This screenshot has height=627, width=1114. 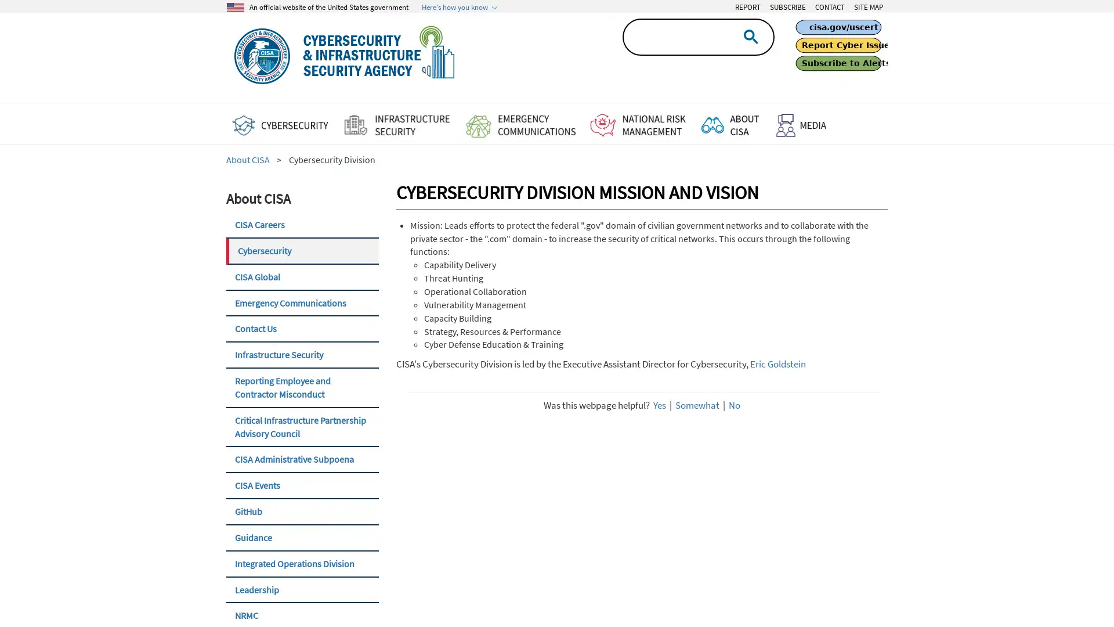 What do you see at coordinates (748, 35) in the screenshot?
I see `search` at bounding box center [748, 35].